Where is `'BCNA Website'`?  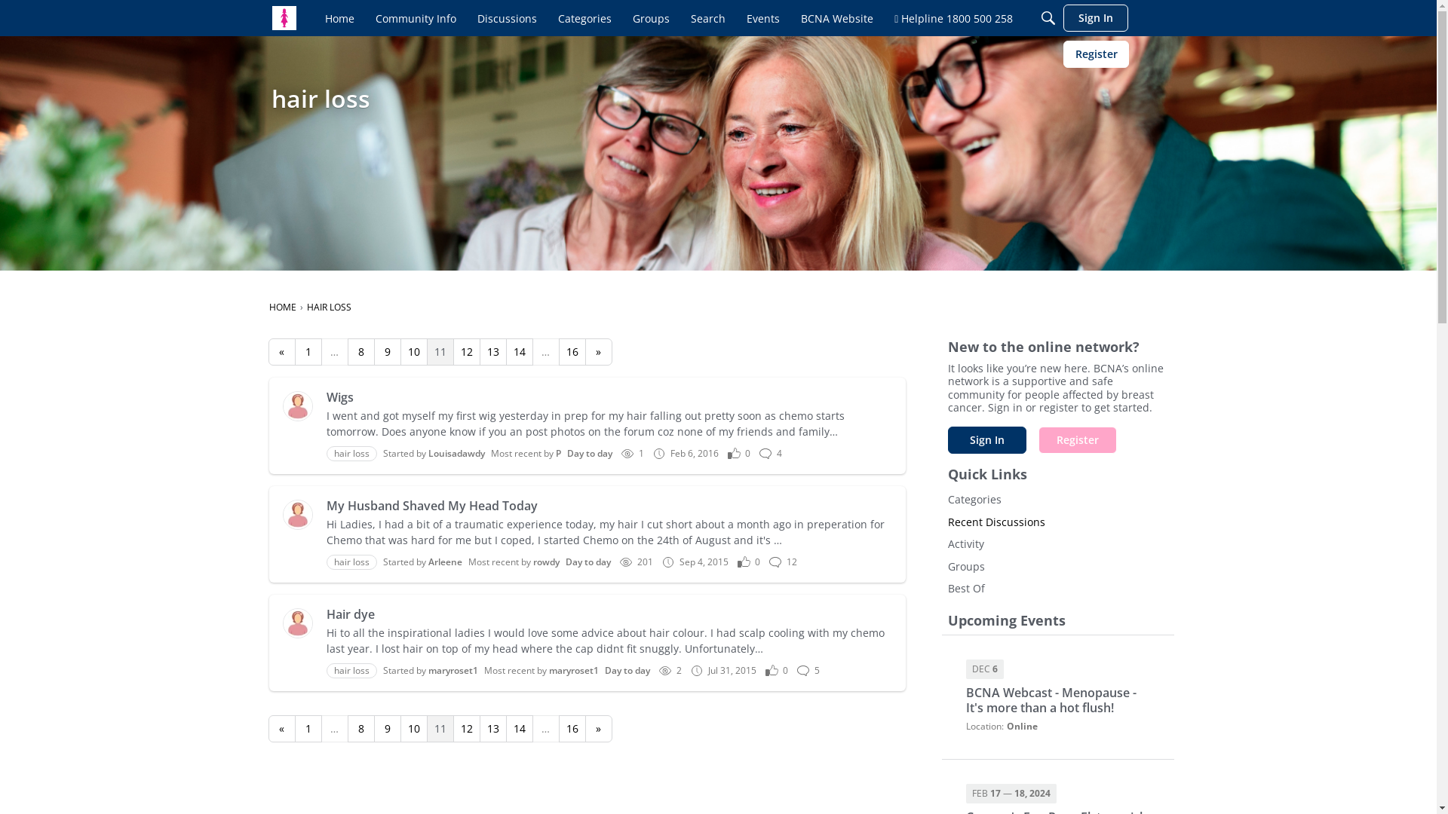
'BCNA Website' is located at coordinates (794, 17).